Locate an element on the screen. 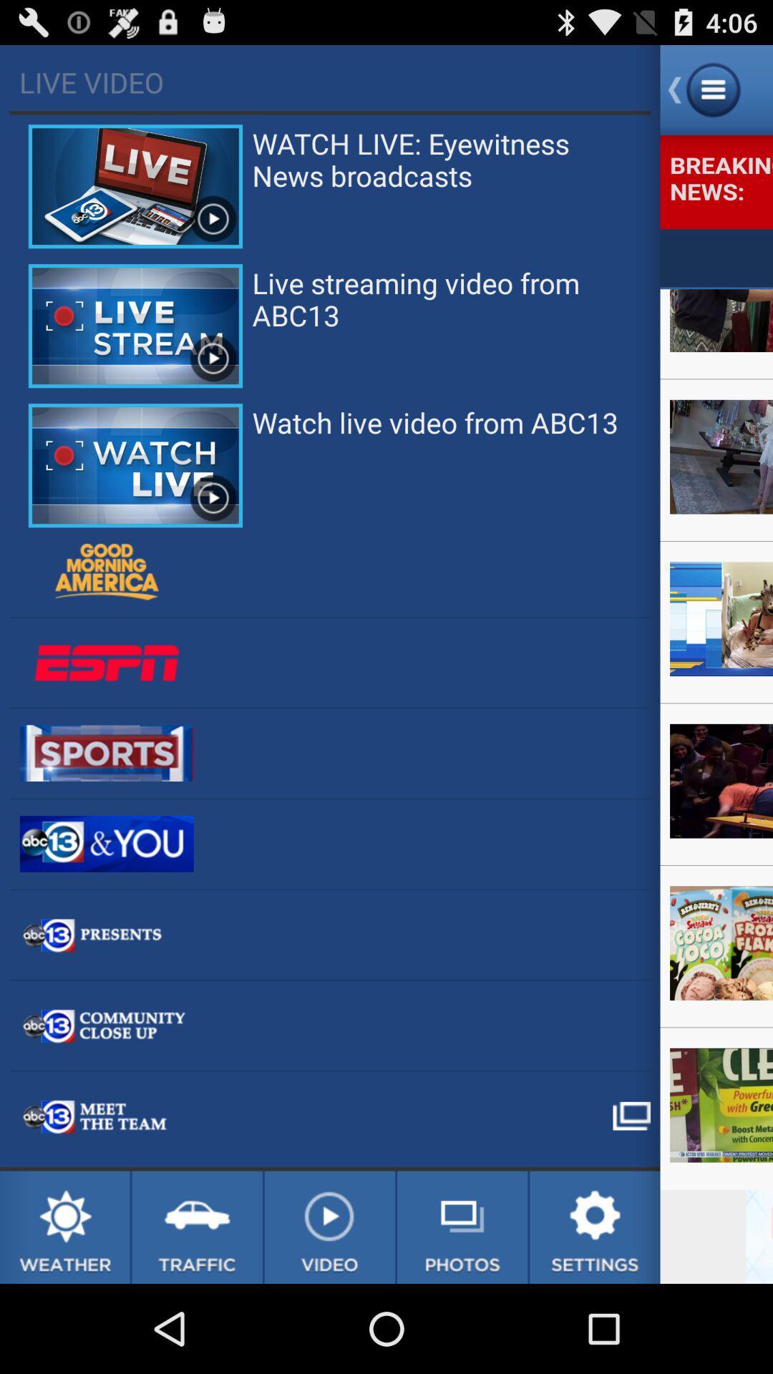 The image size is (773, 1374). watch videos is located at coordinates (329, 1227).